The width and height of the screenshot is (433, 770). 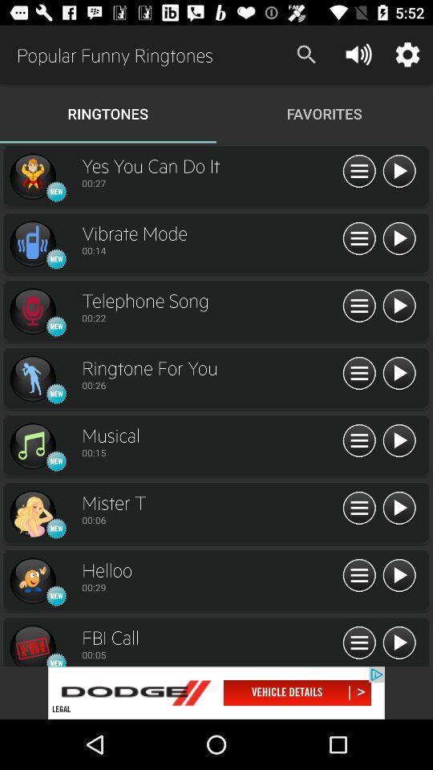 What do you see at coordinates (359, 374) in the screenshot?
I see `list option` at bounding box center [359, 374].